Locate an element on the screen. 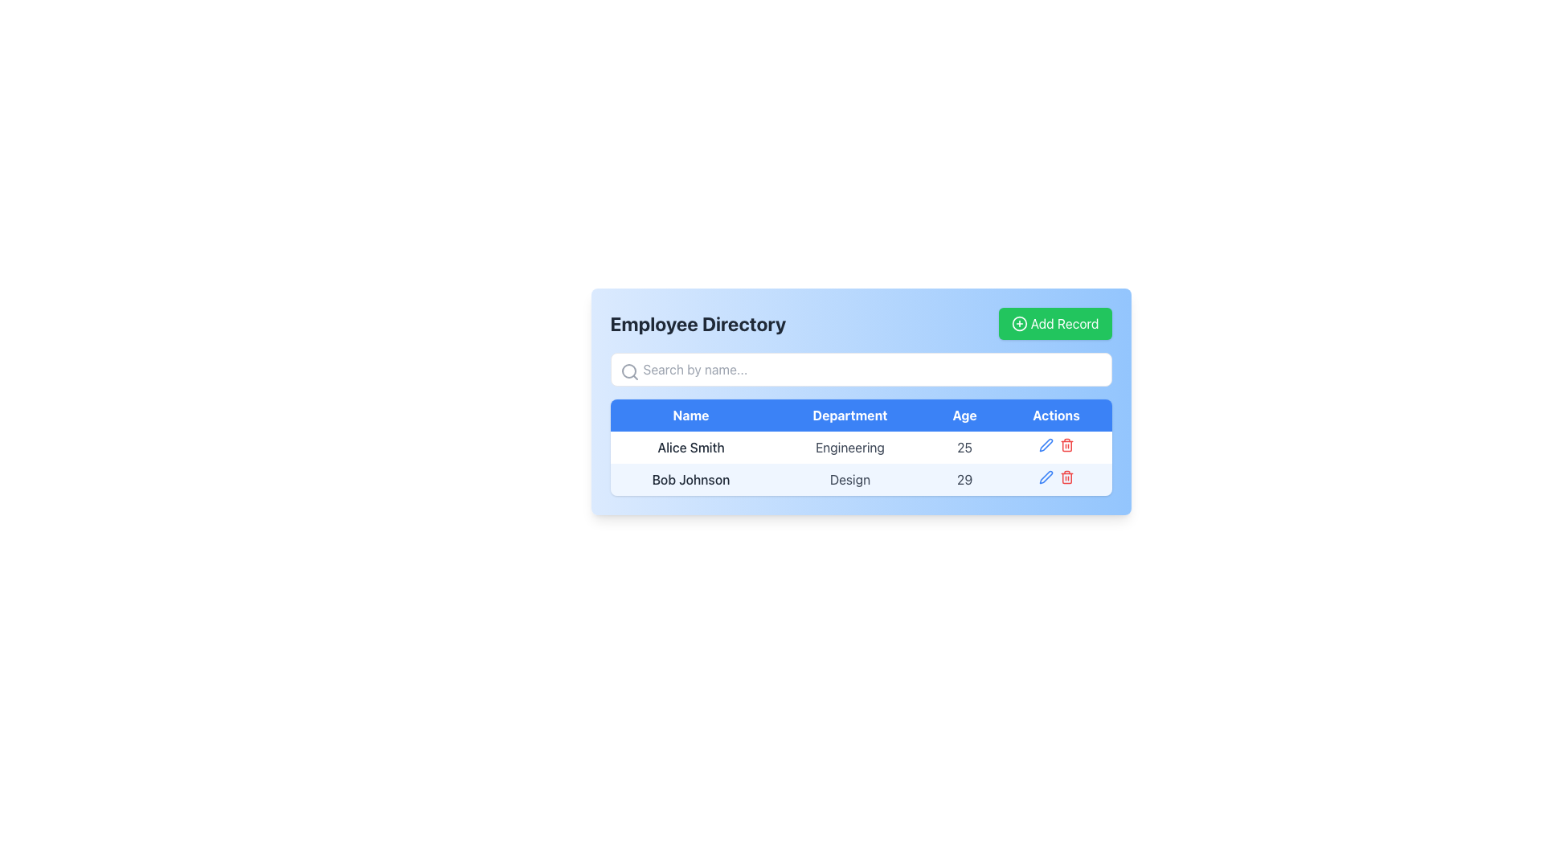 Image resolution: width=1543 pixels, height=868 pixels. the first row of the table displaying a person's record, which includes columns for 'Name', 'Department', 'Age', and 'Actions' is located at coordinates (860, 464).